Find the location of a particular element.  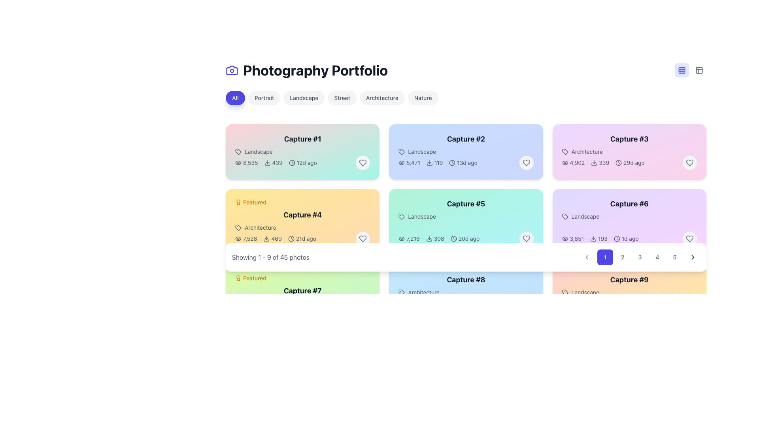

text of the 'Capture #3' label, which is styled in bold and located in the top-right card of a 3x3 grid layout is located at coordinates (629, 138).